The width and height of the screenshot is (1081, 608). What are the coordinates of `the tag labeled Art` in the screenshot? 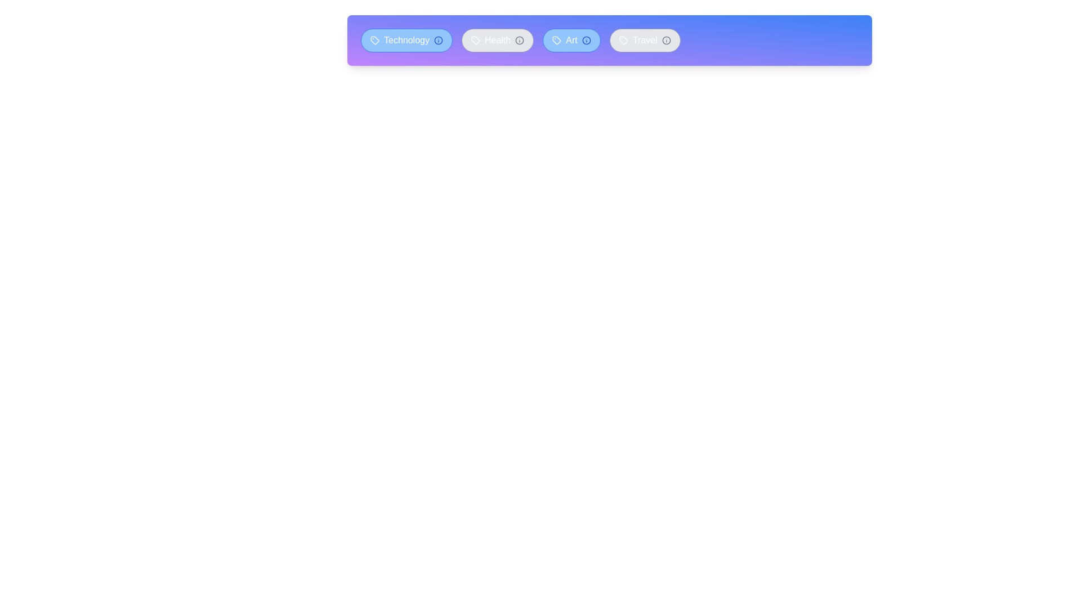 It's located at (571, 40).